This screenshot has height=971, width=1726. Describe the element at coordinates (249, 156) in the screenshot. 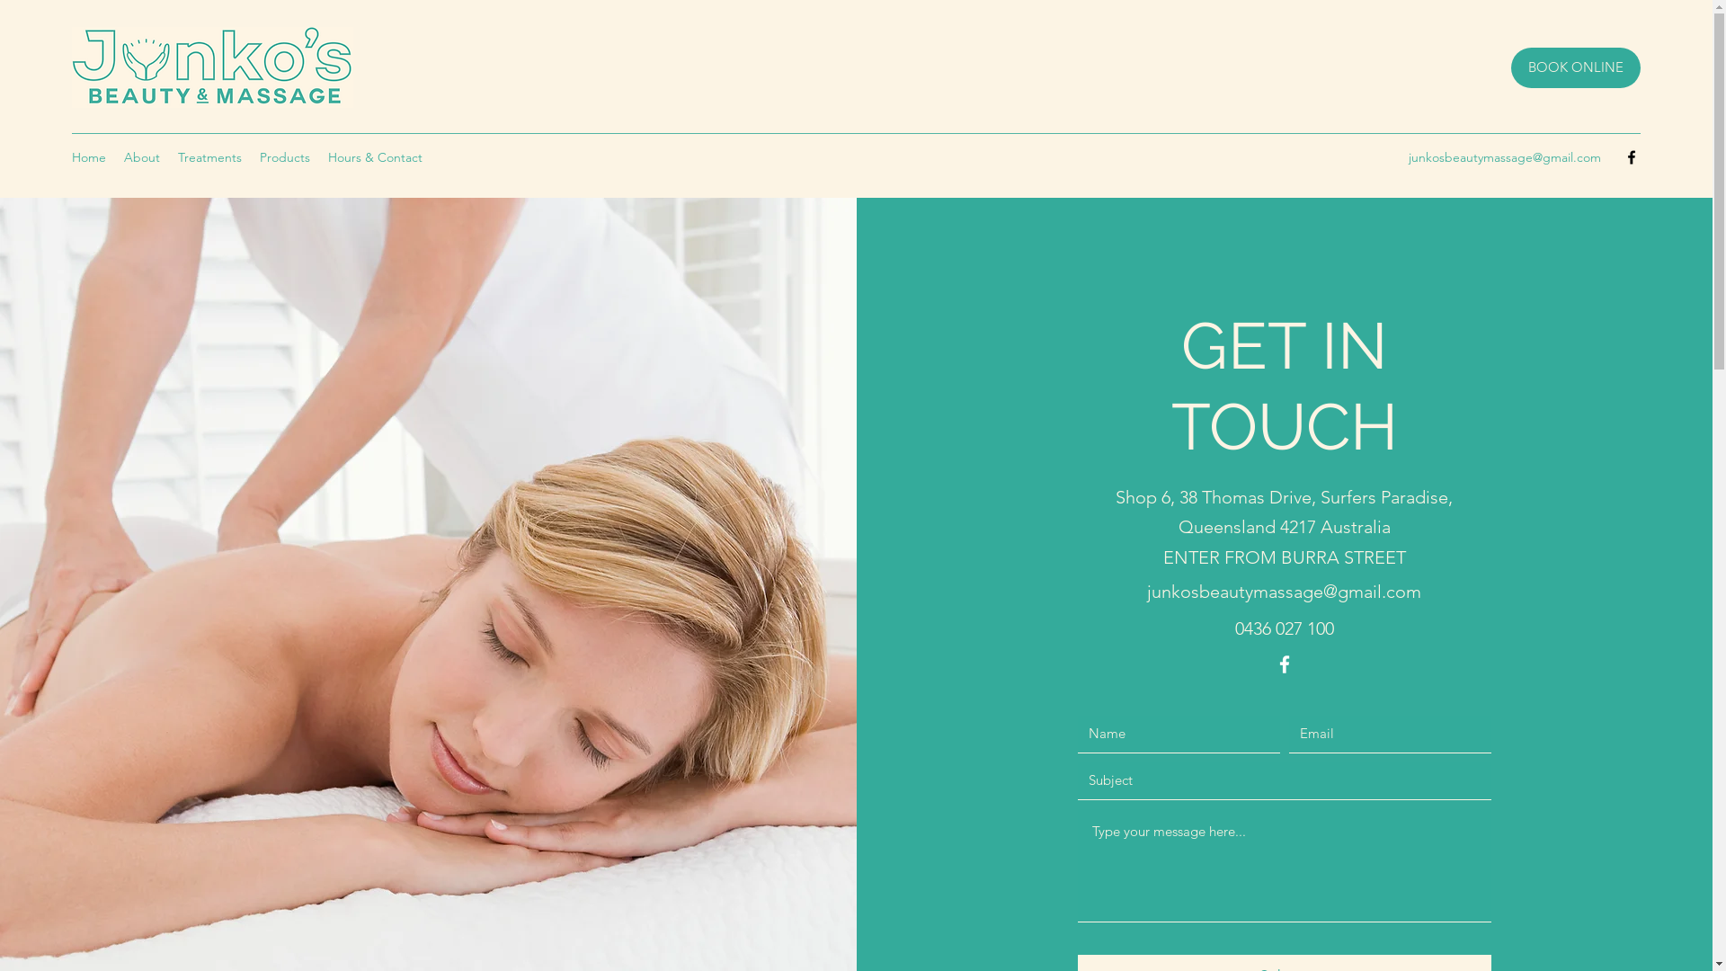

I see `'Products'` at that location.